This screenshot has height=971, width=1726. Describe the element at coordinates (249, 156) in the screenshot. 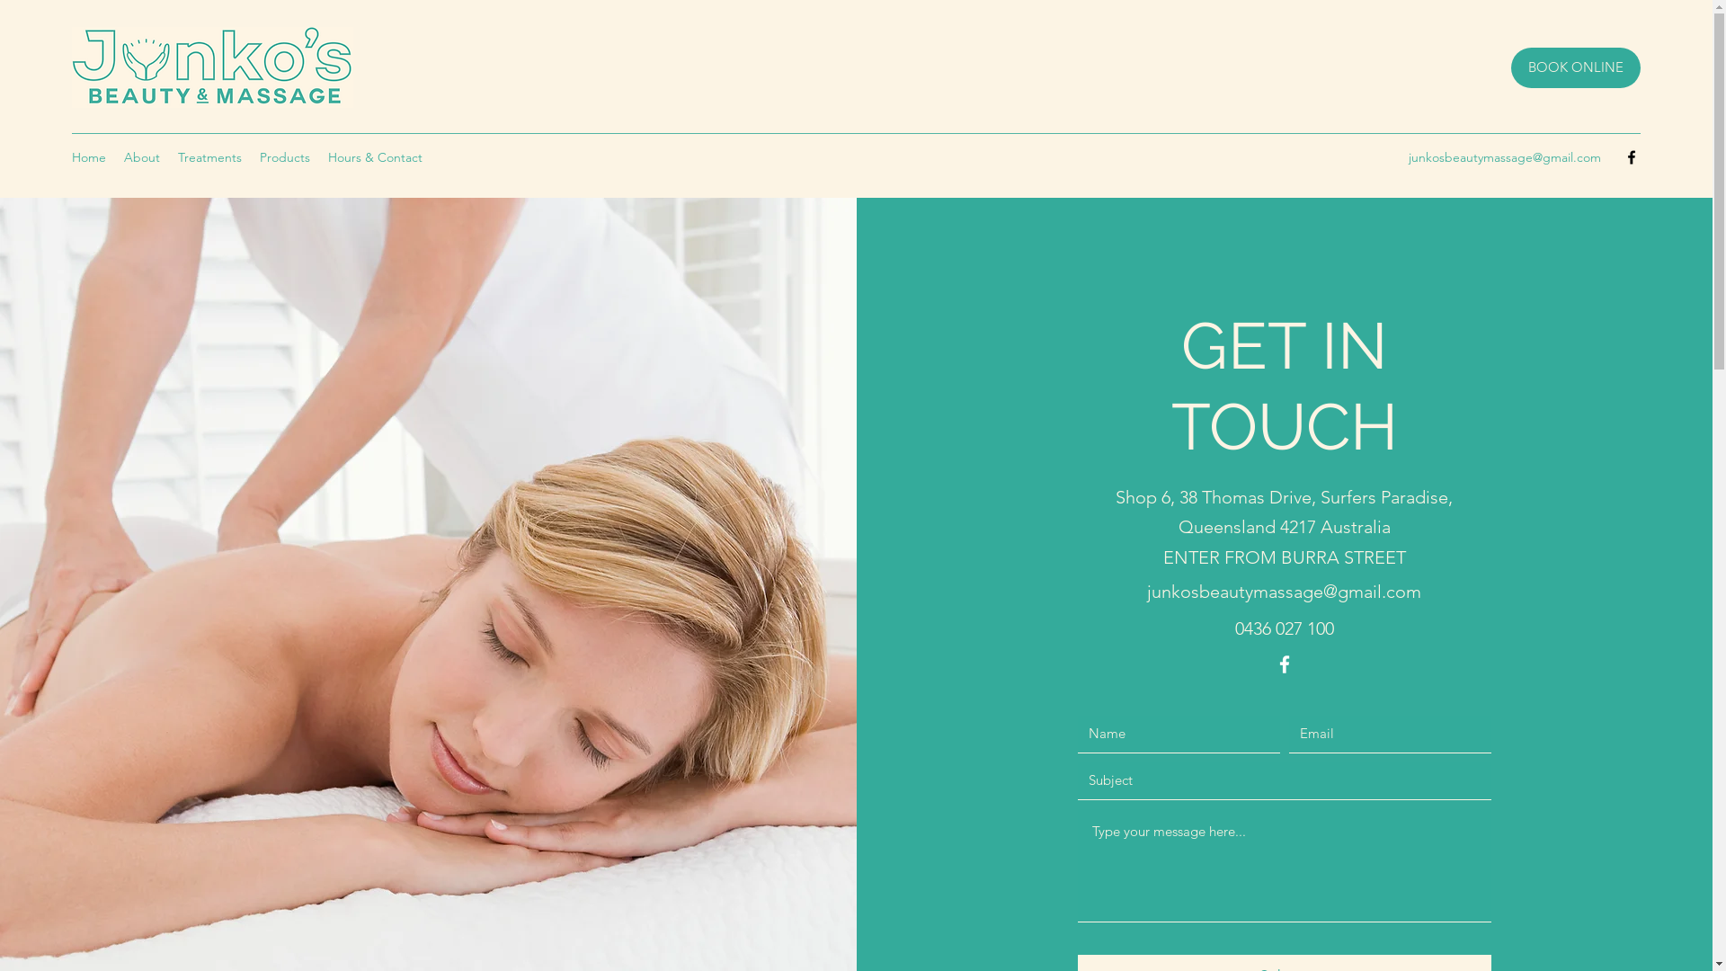

I see `'Products'` at that location.